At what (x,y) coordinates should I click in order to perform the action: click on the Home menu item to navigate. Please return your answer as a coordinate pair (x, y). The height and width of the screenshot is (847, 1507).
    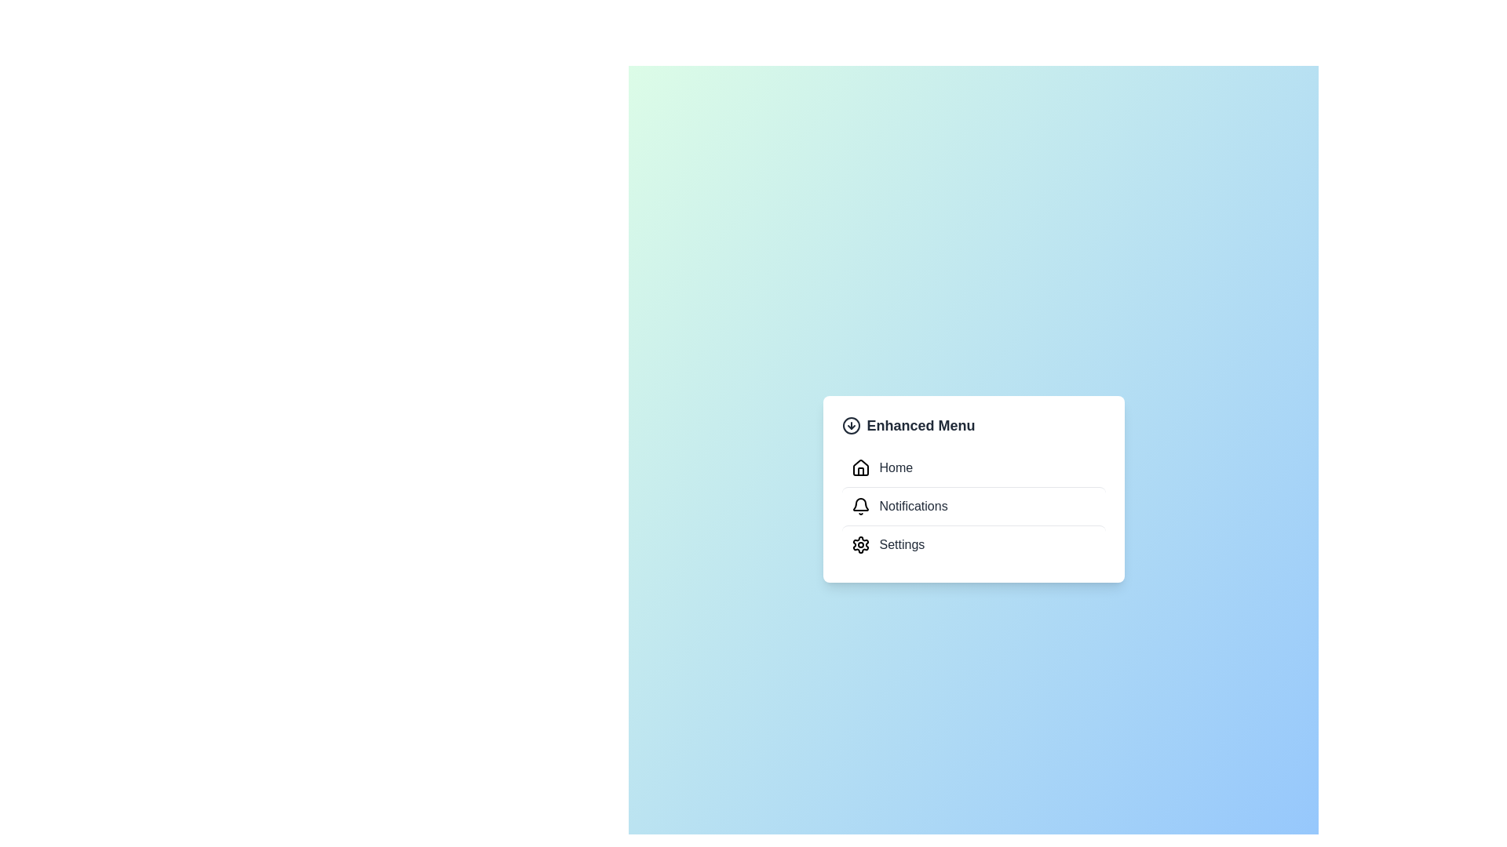
    Looking at the image, I should click on (972, 467).